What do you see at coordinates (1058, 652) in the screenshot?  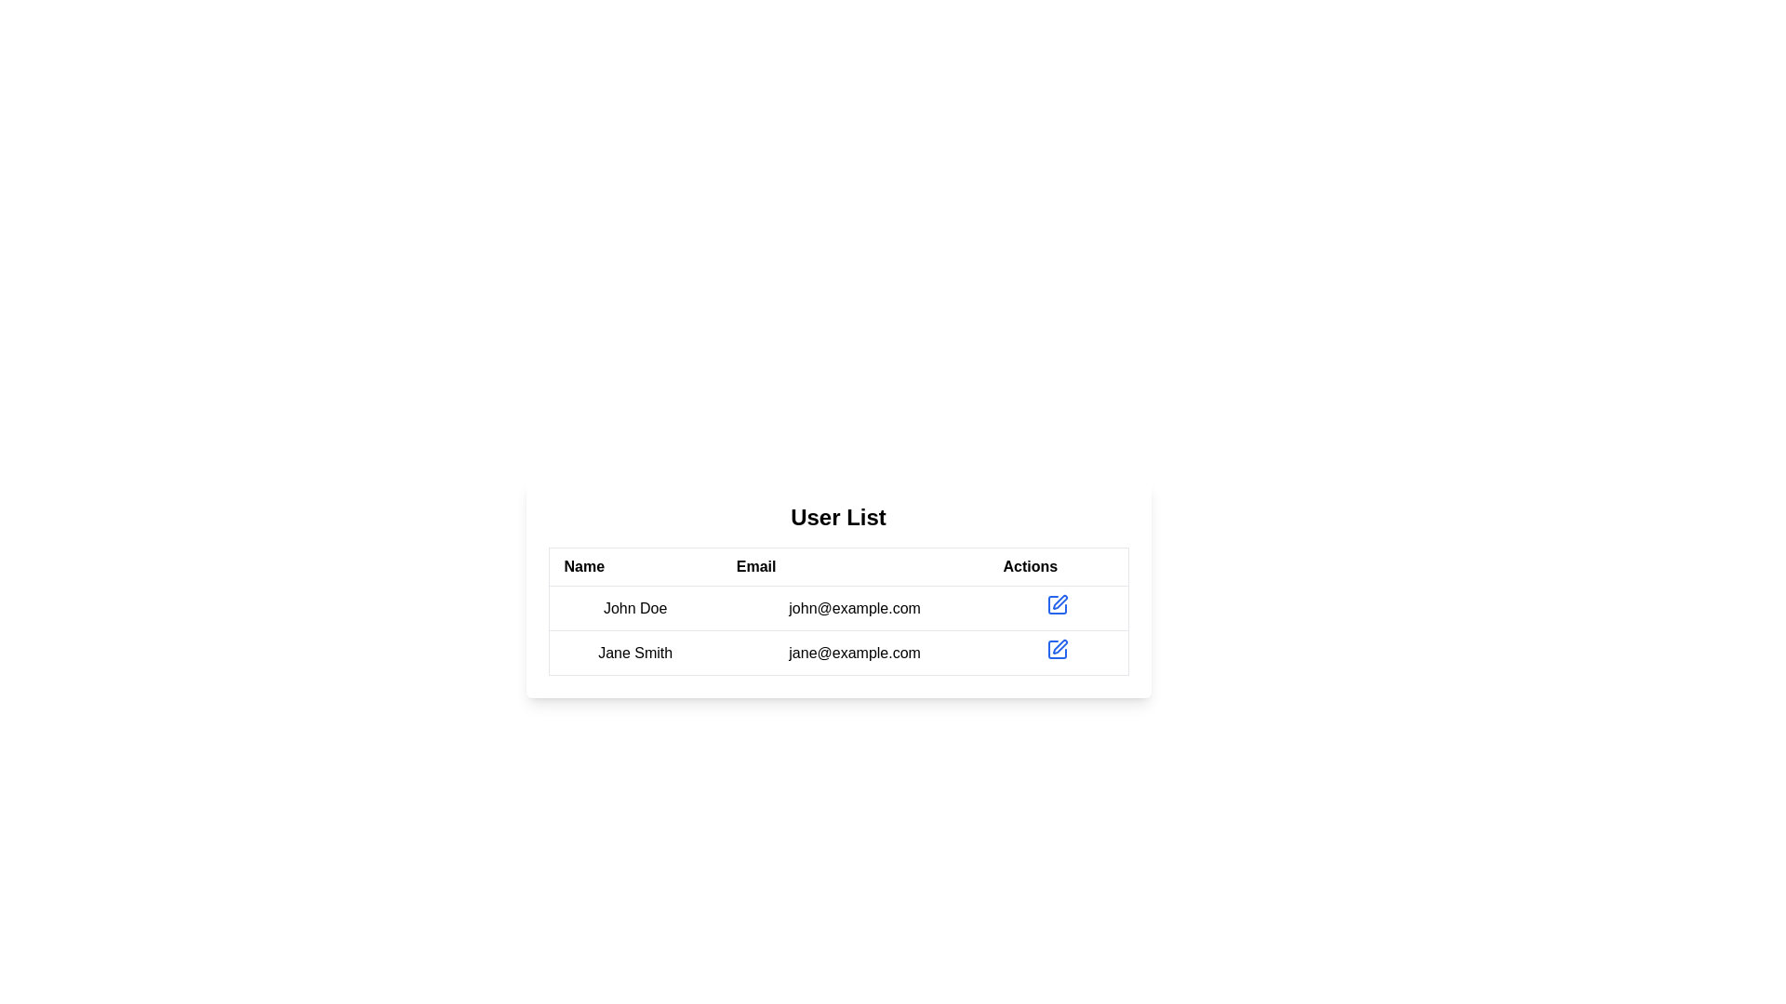 I see `the edit button located in the last cell of the second row in the 'Actions' column for the user 'Jane Smith'` at bounding box center [1058, 652].